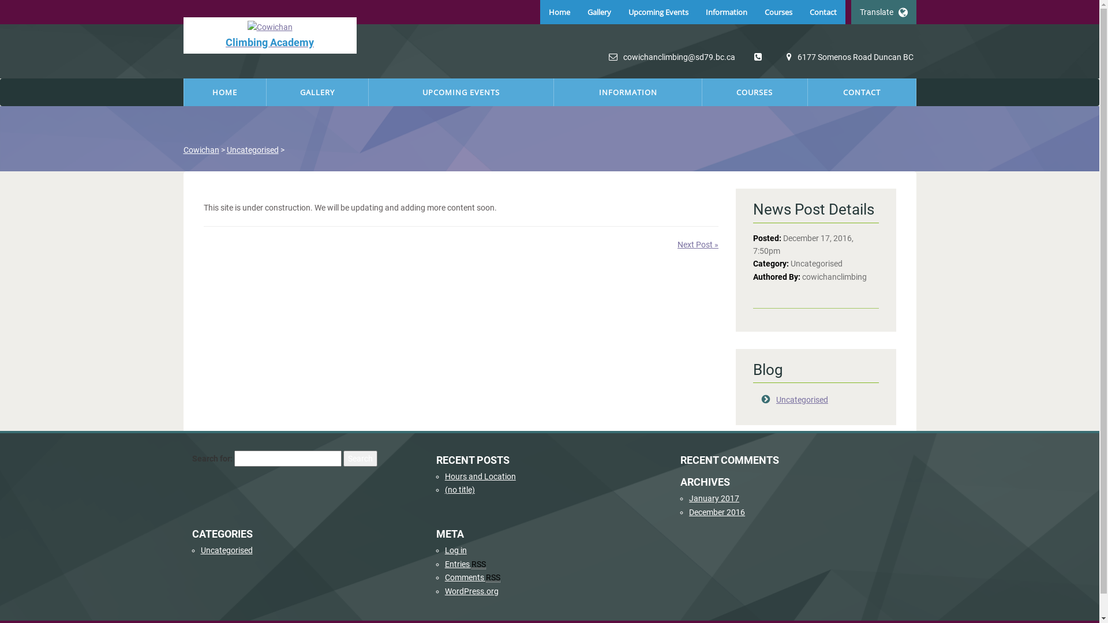 The width and height of the screenshot is (1108, 623). What do you see at coordinates (559, 12) in the screenshot?
I see `'Home'` at bounding box center [559, 12].